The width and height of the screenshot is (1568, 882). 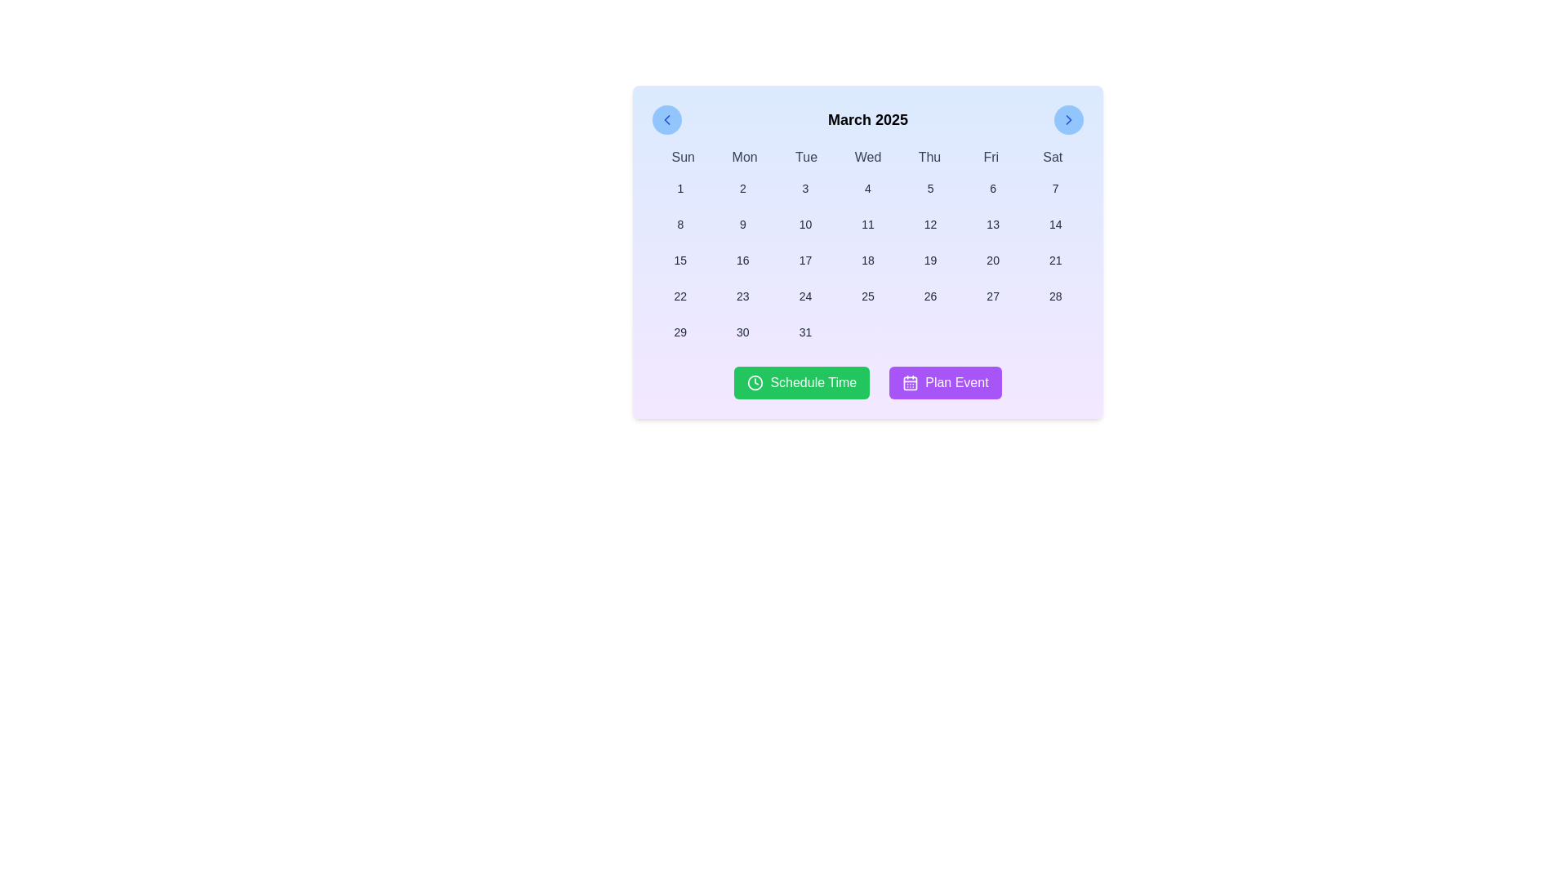 I want to click on the date in the calendar grid located within the card titled 'March 2025', so click(x=866, y=260).